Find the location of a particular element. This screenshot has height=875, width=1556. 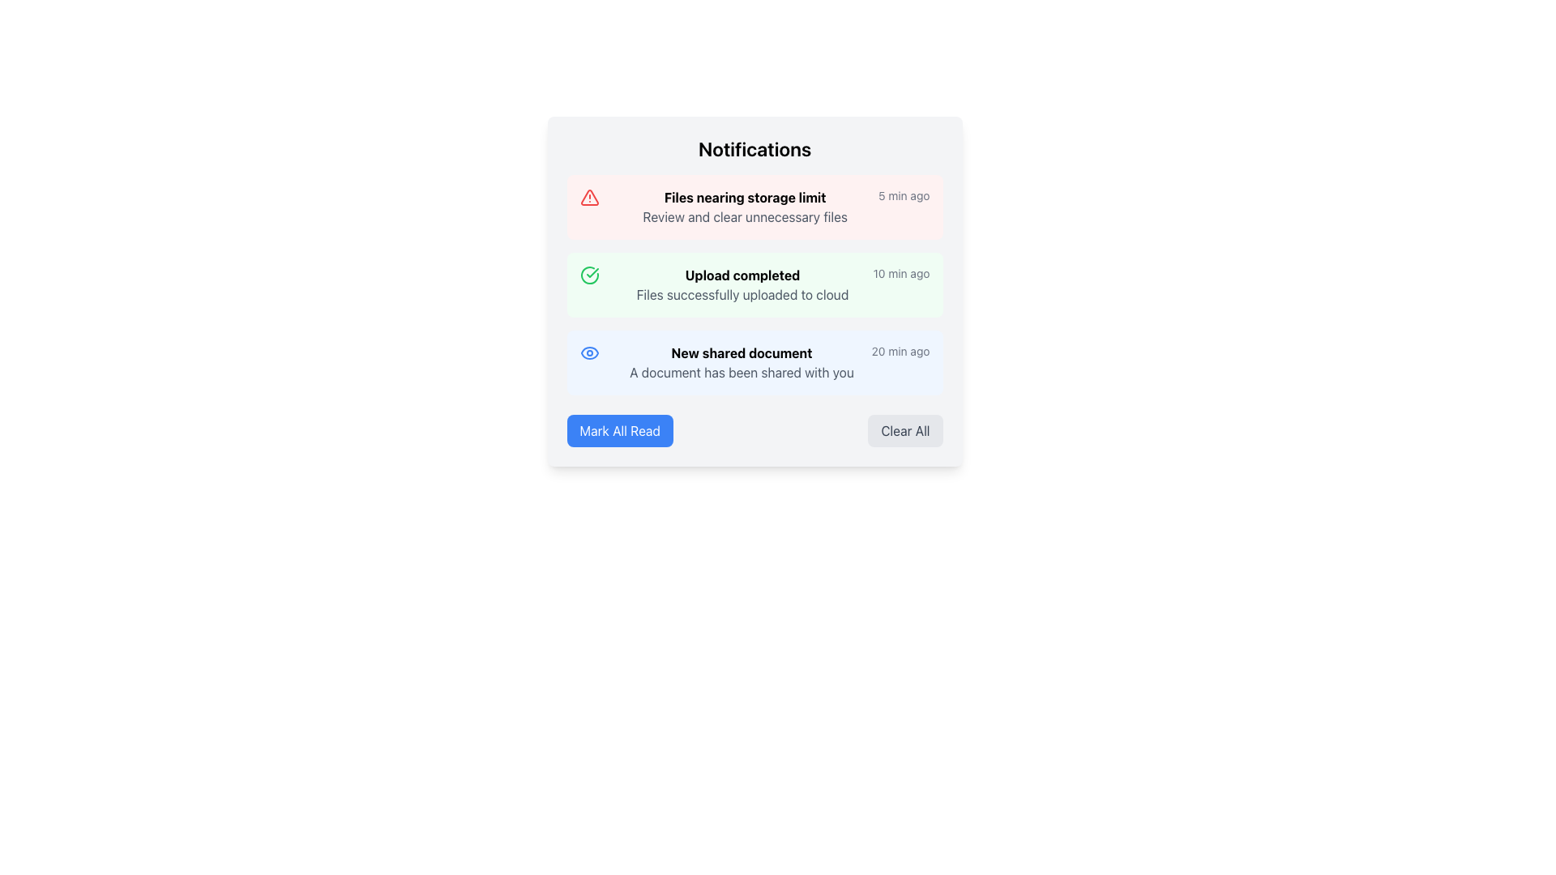

text from the Text Label that indicates a successful file upload, positioned beneath the 'Upload completed' heading in the notifications panel is located at coordinates (742, 294).